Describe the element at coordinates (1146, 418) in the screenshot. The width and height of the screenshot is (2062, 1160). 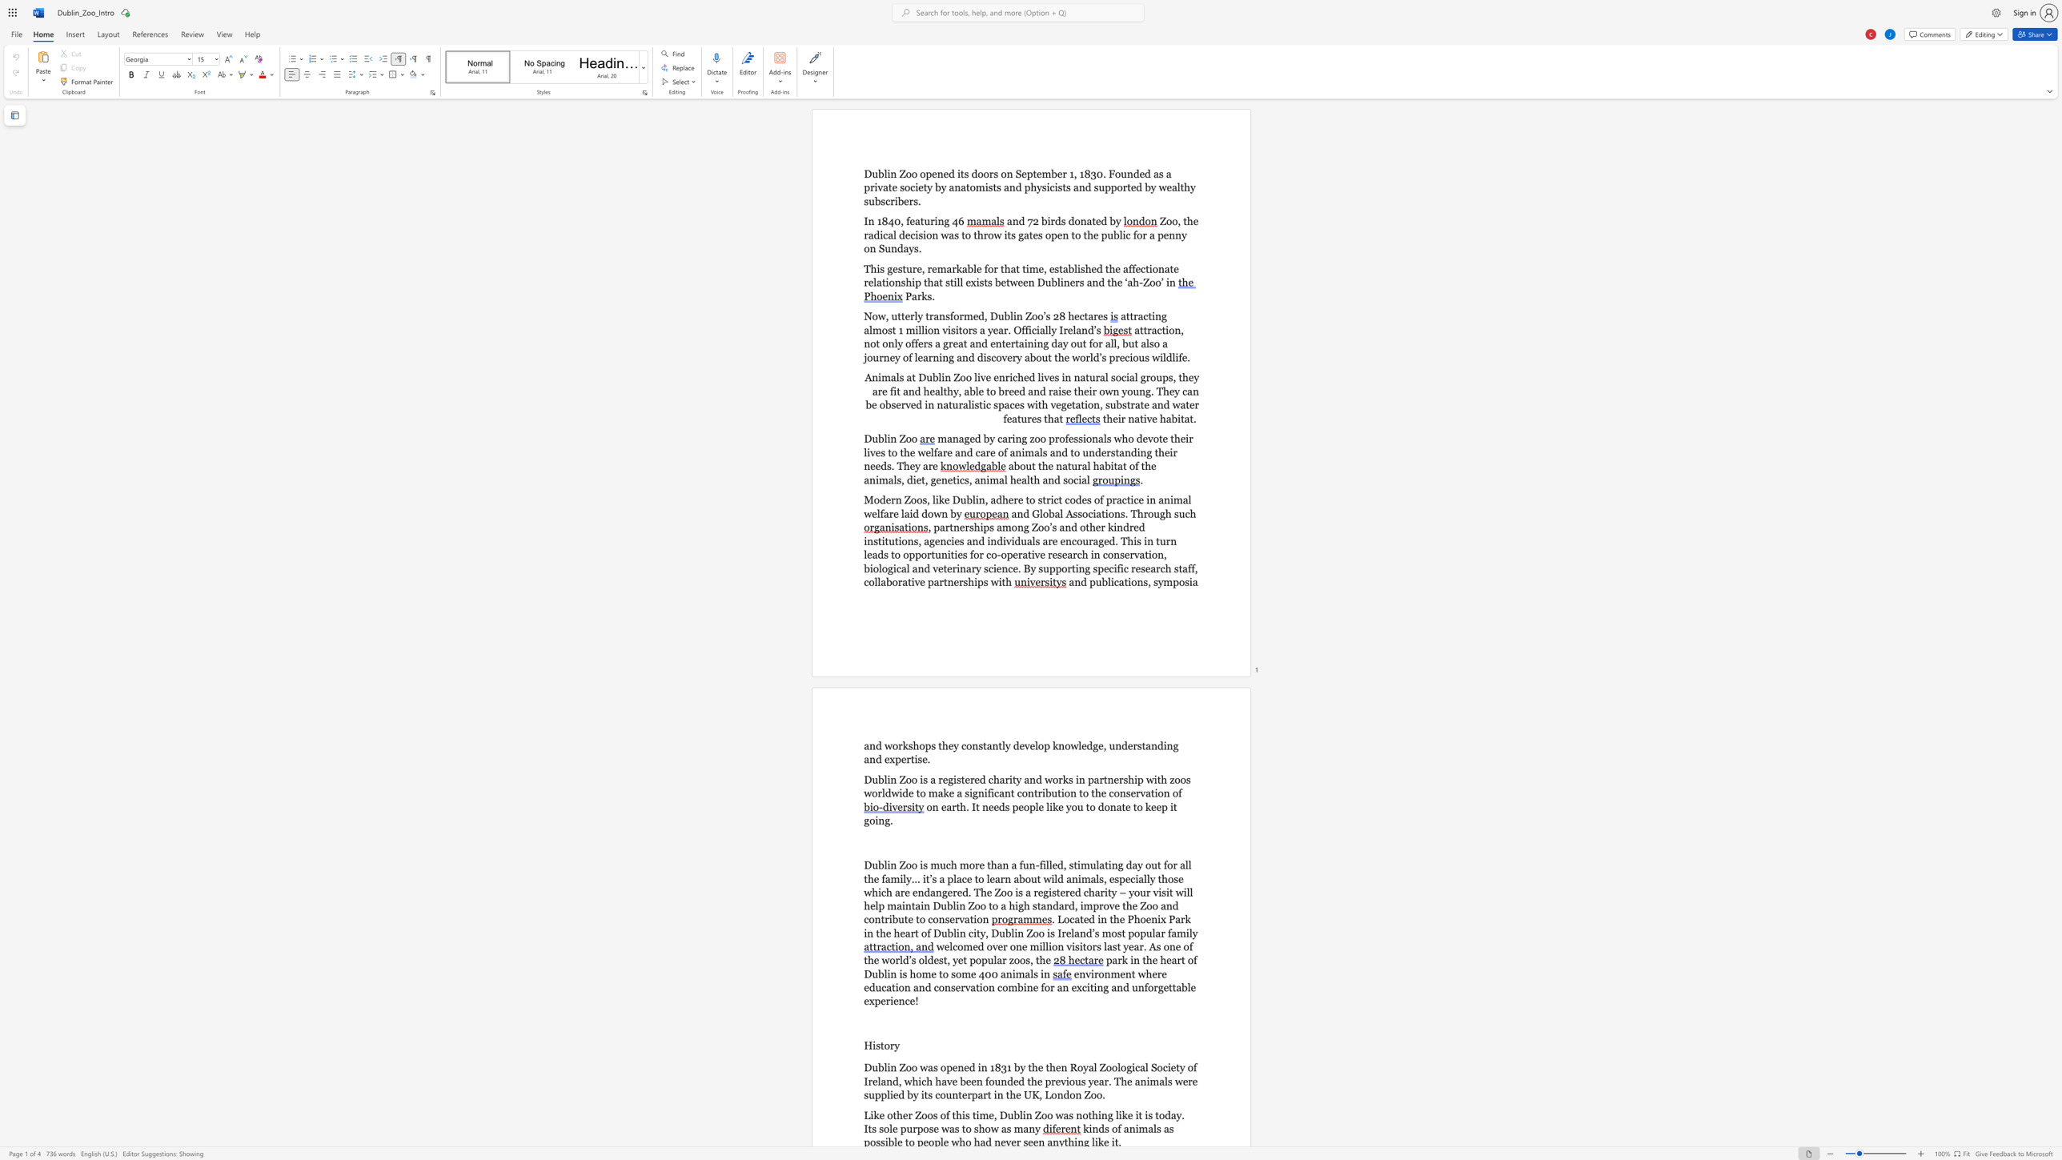
I see `the subset text "ve h" within the text "their native habitat."` at that location.